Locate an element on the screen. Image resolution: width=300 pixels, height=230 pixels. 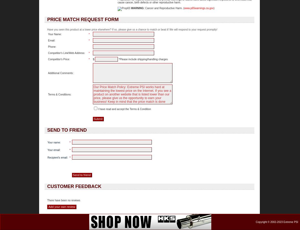
'WARNING:' is located at coordinates (131, 8).